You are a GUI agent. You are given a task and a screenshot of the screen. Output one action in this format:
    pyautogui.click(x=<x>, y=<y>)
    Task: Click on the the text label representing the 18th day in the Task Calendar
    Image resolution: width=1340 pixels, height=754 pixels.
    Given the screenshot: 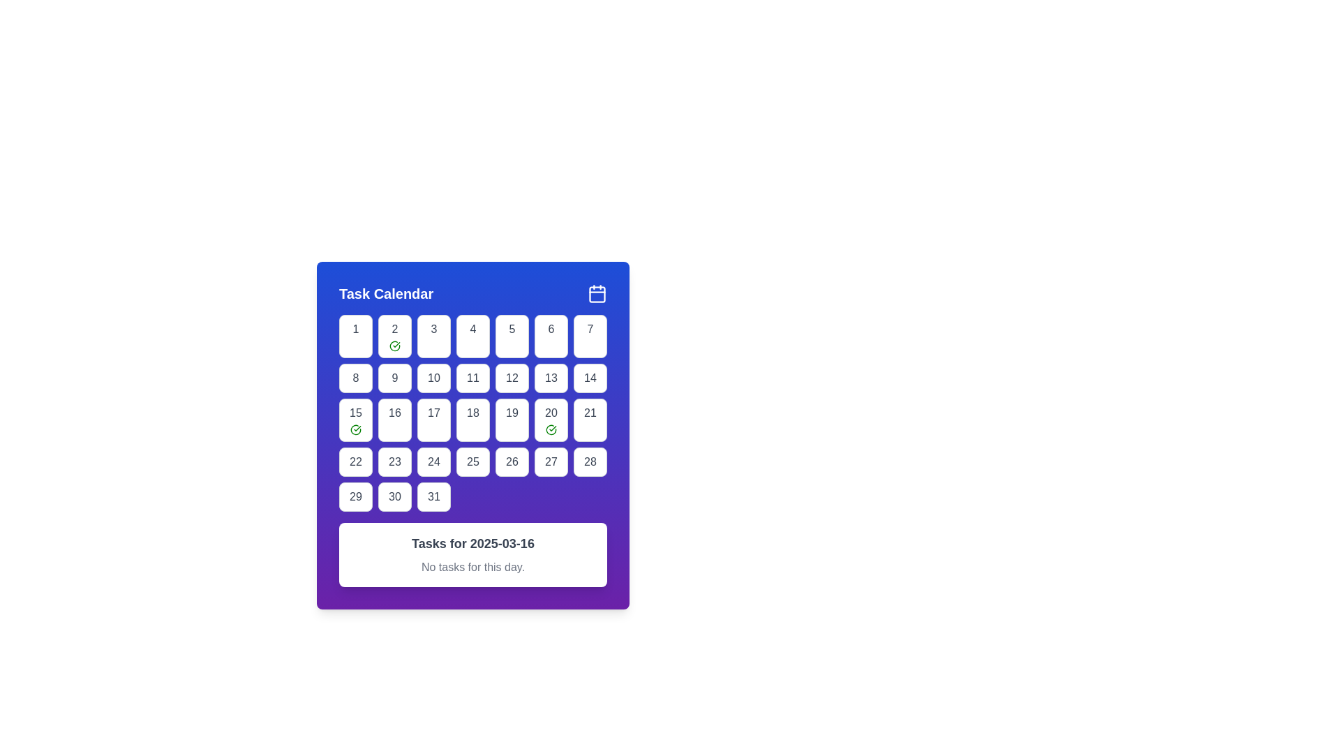 What is the action you would take?
    pyautogui.click(x=472, y=412)
    